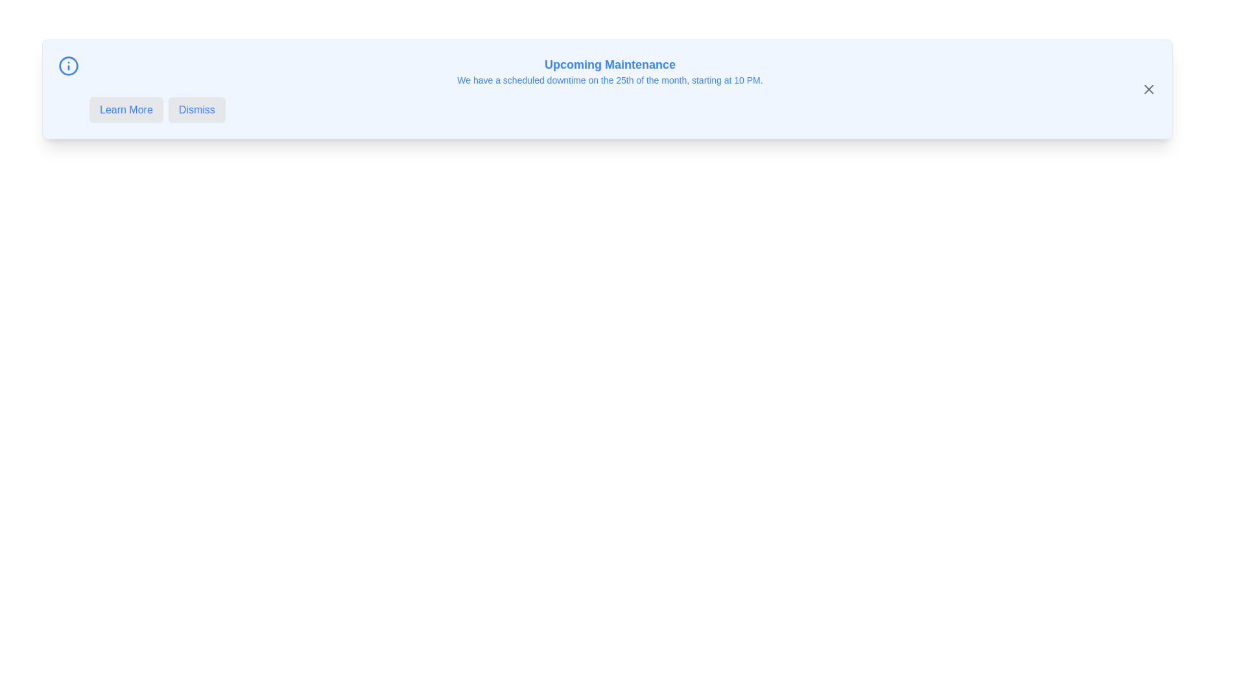  Describe the element at coordinates (609, 80) in the screenshot. I see `text element that contains the message about scheduled downtime, which is centrally aligned and positioned below the header 'Upcoming Maintenance'` at that location.